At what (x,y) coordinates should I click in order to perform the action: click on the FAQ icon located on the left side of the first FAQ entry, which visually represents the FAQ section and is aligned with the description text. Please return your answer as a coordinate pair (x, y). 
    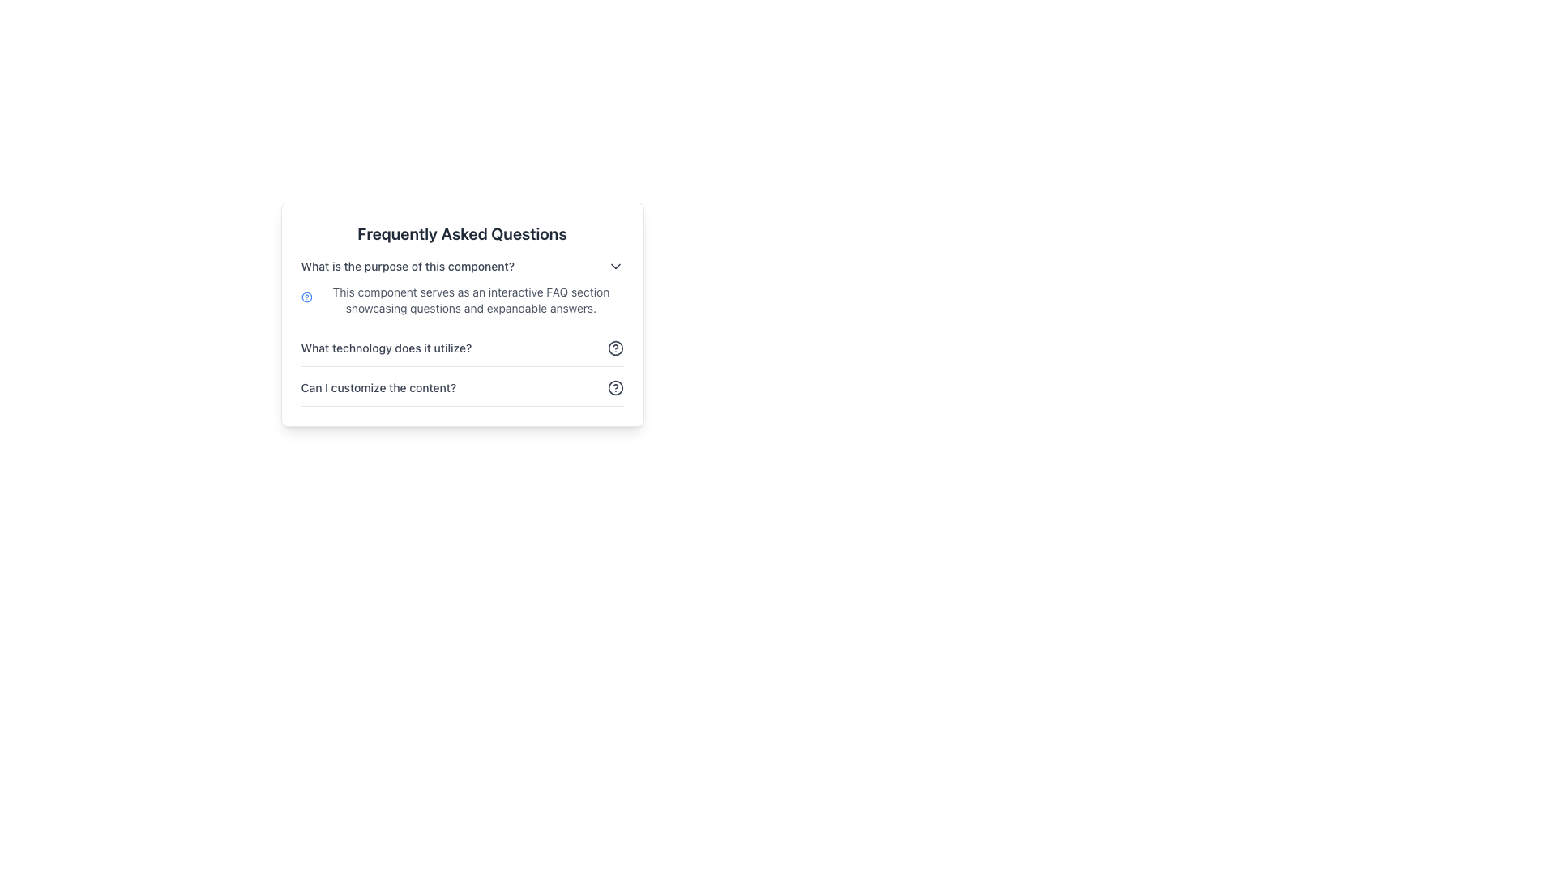
    Looking at the image, I should click on (306, 297).